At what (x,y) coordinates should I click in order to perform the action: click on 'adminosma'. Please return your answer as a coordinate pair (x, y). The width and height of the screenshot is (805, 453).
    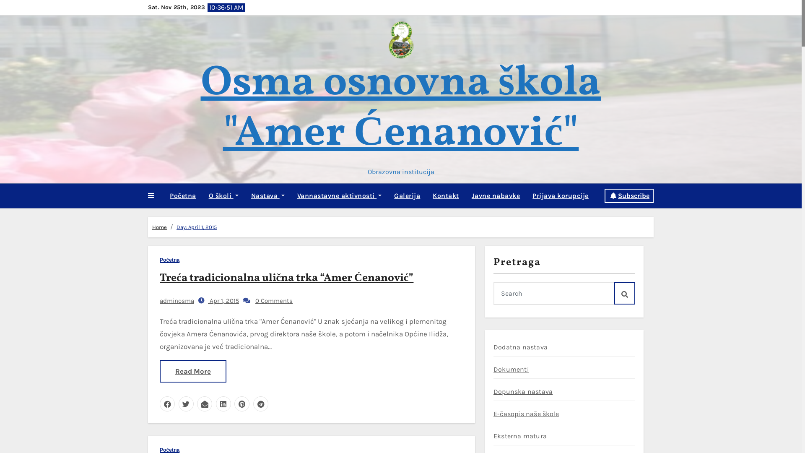
    Looking at the image, I should click on (159, 300).